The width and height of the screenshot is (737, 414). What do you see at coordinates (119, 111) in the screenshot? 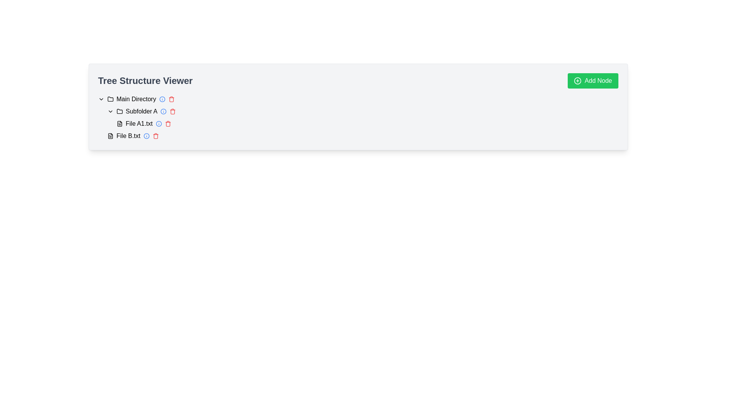
I see `the folder icon representing a subfolder in the directory structure, located to the left of the 'Subfolder A' label` at bounding box center [119, 111].